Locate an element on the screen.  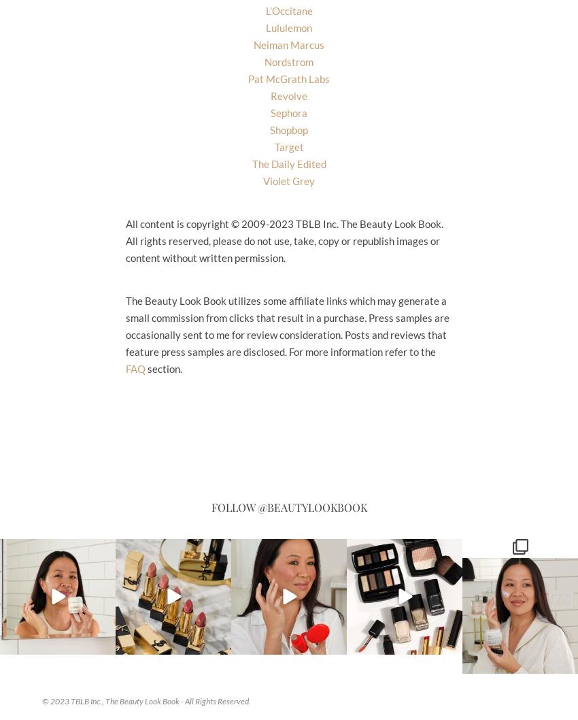
'Nordstrom' is located at coordinates (289, 61).